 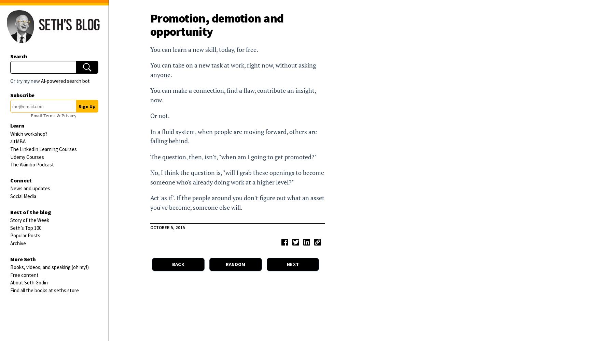 What do you see at coordinates (10, 242) in the screenshot?
I see `'Archive'` at bounding box center [10, 242].